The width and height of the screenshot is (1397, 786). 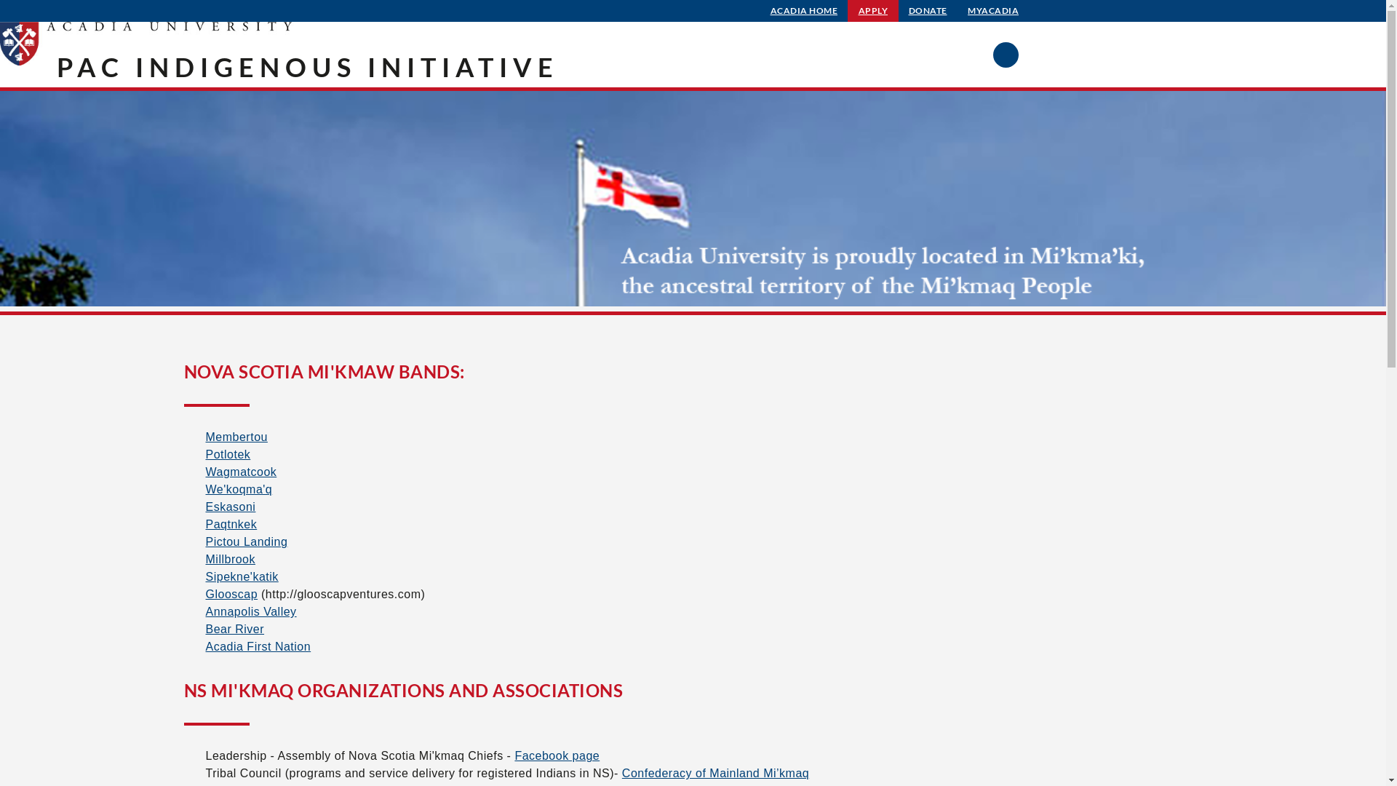 What do you see at coordinates (204, 506) in the screenshot?
I see `'Eskasoni'` at bounding box center [204, 506].